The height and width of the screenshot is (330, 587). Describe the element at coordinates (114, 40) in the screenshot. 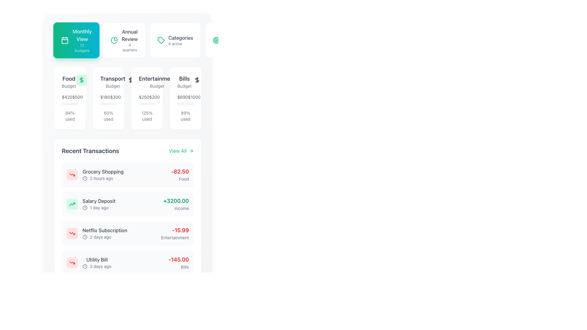

I see `the second slice of the pie chart icon located in the top-right navigation section next to the 'Annual Review' tab` at that location.